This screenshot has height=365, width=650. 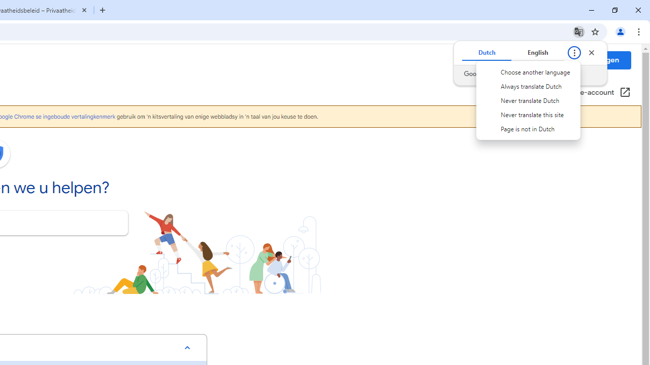 What do you see at coordinates (528, 86) in the screenshot?
I see `'Always translate Dutch'` at bounding box center [528, 86].